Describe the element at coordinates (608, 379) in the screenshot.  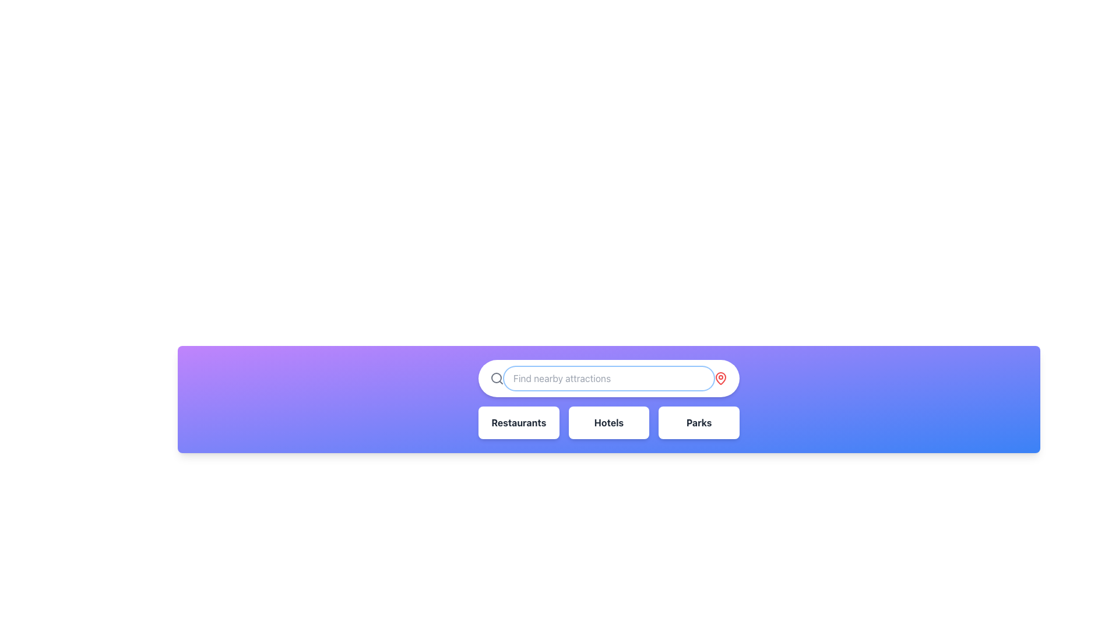
I see `the text input field for searching nearby attractions to focus on it` at that location.